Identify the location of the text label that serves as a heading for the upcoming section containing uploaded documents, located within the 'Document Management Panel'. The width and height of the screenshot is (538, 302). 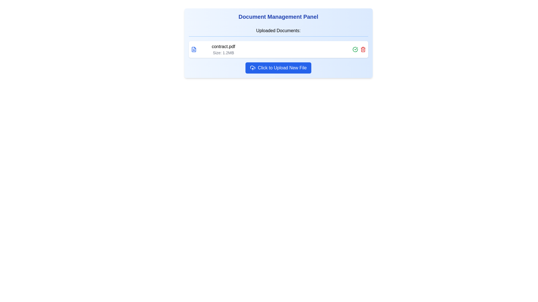
(278, 31).